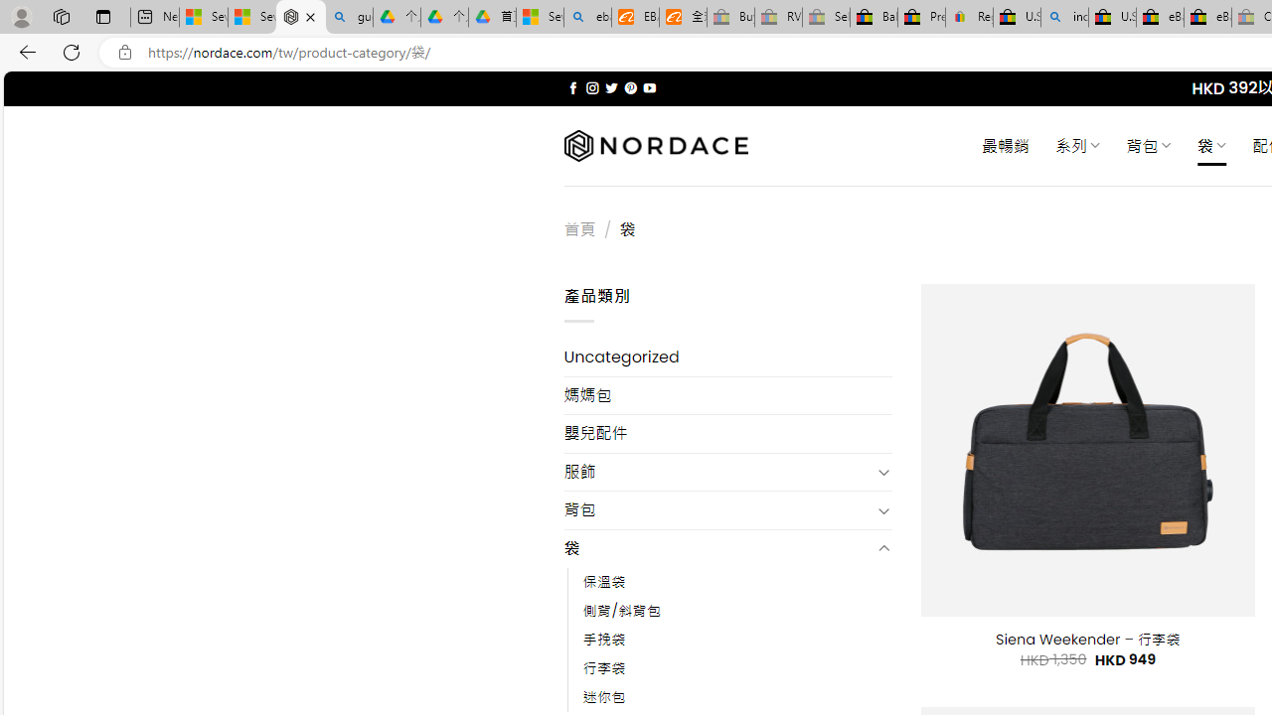 The height and width of the screenshot is (715, 1272). What do you see at coordinates (970, 17) in the screenshot?
I see `'Register: Create a personal eBay account'` at bounding box center [970, 17].